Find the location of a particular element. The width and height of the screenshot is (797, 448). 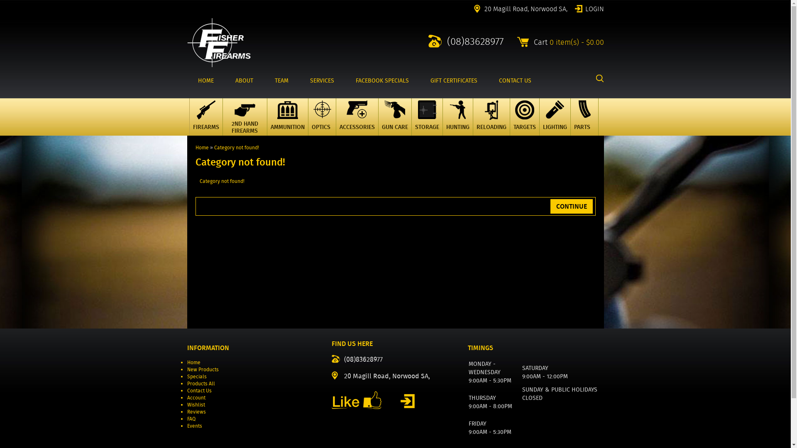

'RELOADING' is located at coordinates (491, 117).